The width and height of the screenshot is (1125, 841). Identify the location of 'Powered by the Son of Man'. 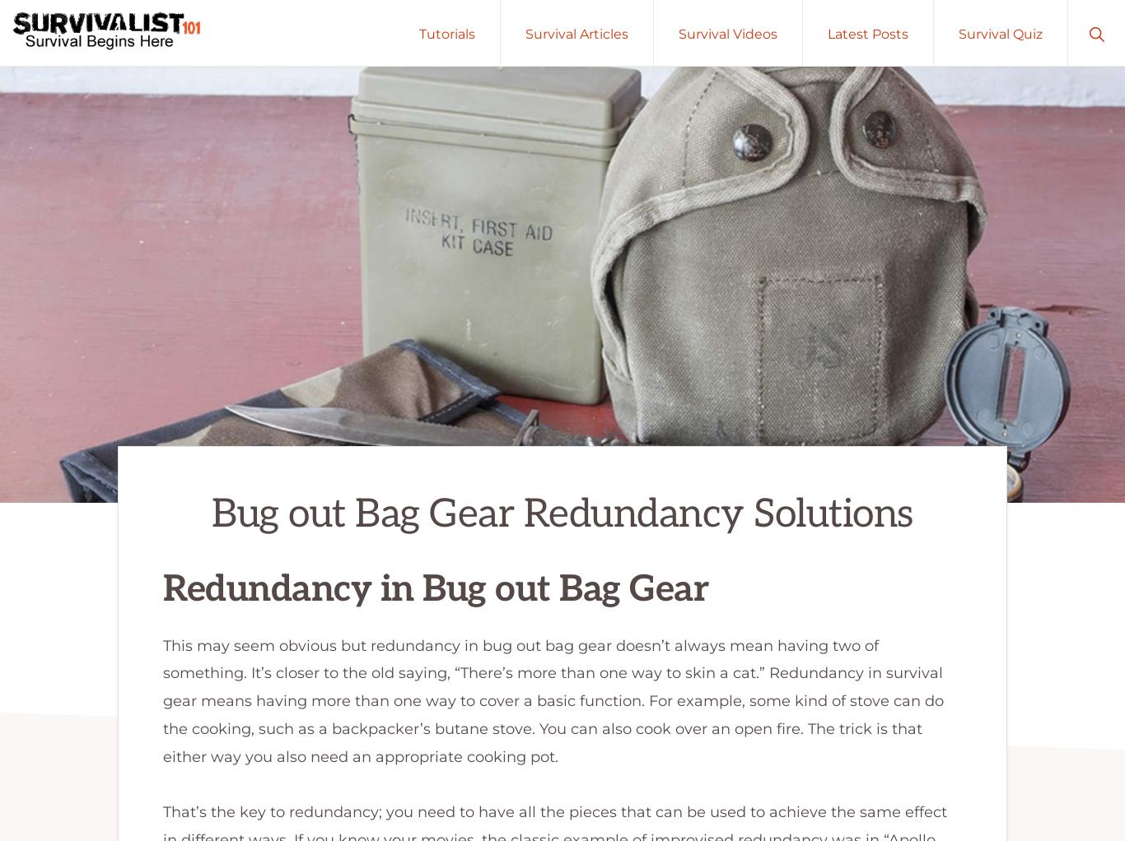
(322, 749).